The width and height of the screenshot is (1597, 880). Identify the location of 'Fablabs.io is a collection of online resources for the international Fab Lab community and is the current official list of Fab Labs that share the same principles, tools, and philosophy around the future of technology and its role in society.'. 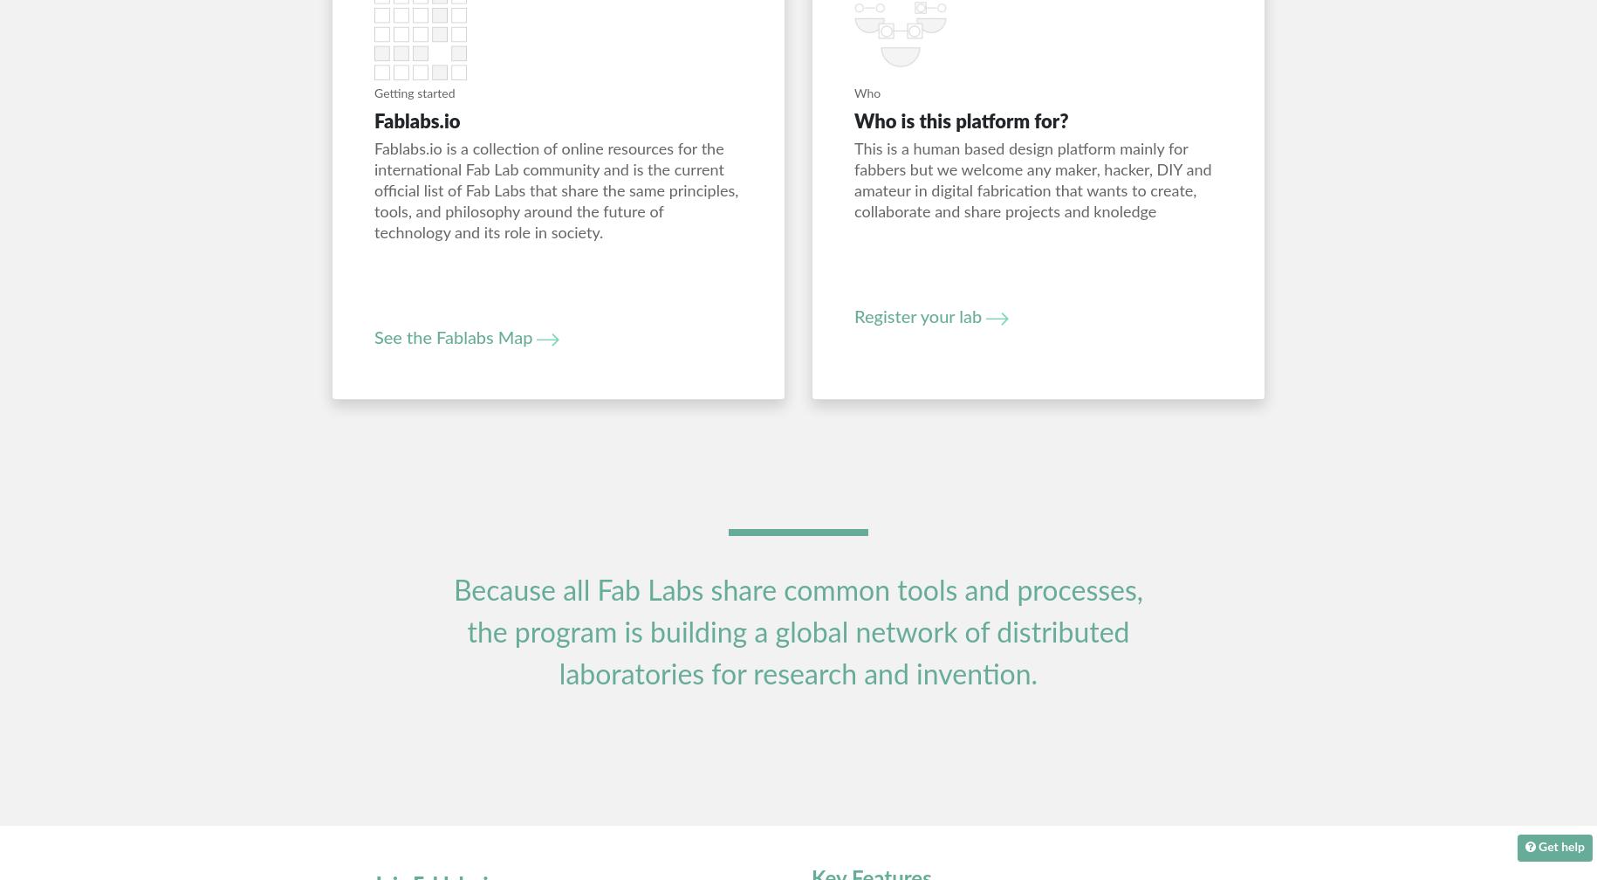
(555, 192).